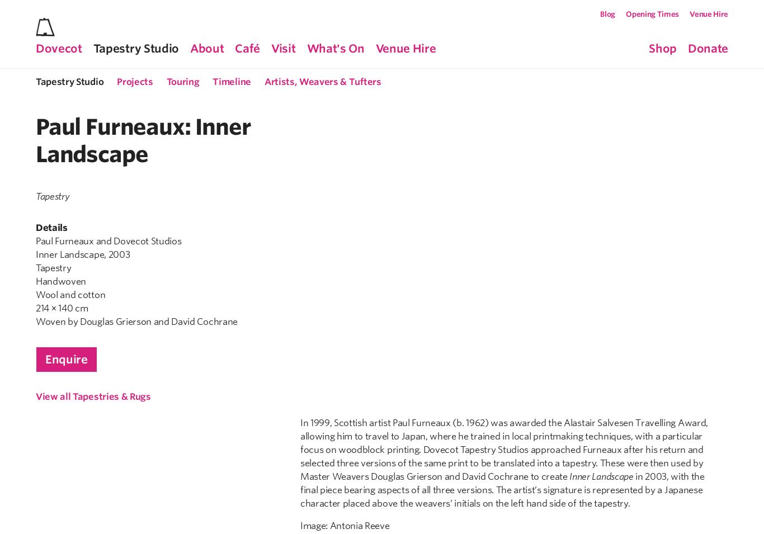 This screenshot has width=764, height=534. What do you see at coordinates (300, 59) in the screenshot?
I see `'Image: Antonia Reeve'` at bounding box center [300, 59].